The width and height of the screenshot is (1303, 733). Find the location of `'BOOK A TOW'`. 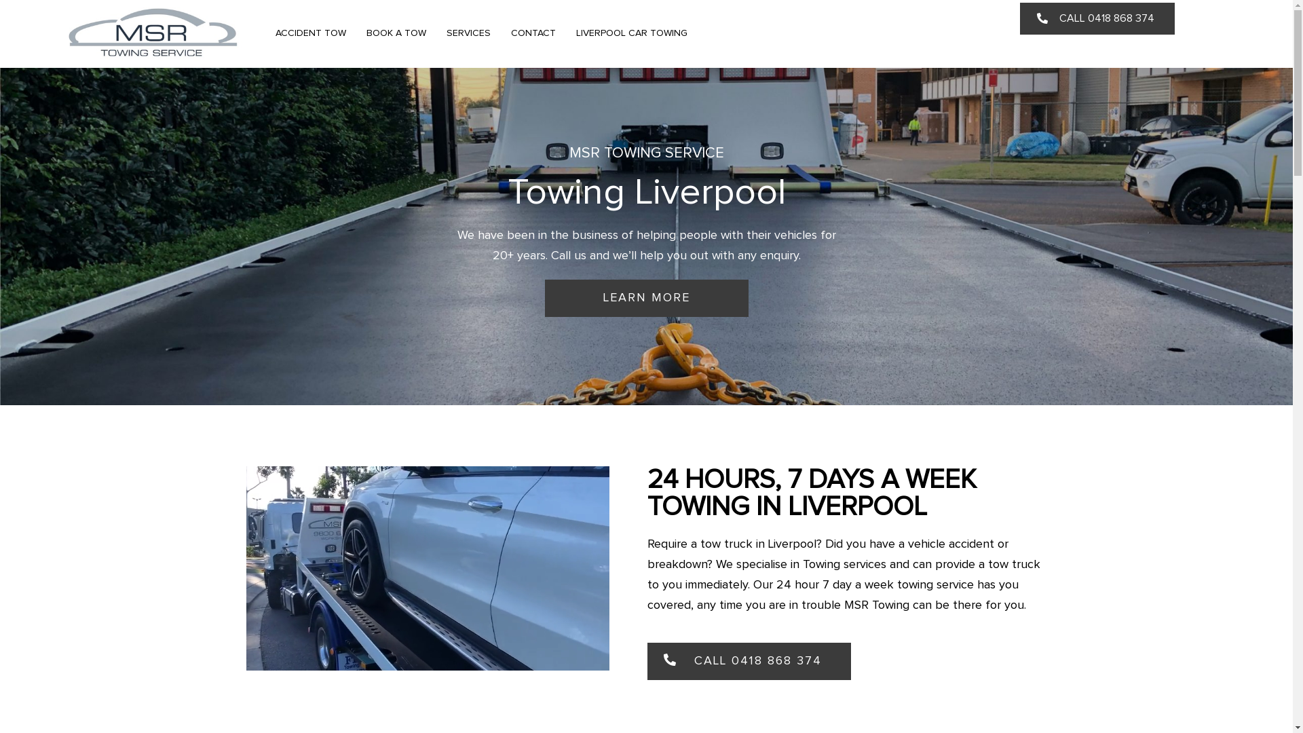

'BOOK A TOW' is located at coordinates (396, 33).